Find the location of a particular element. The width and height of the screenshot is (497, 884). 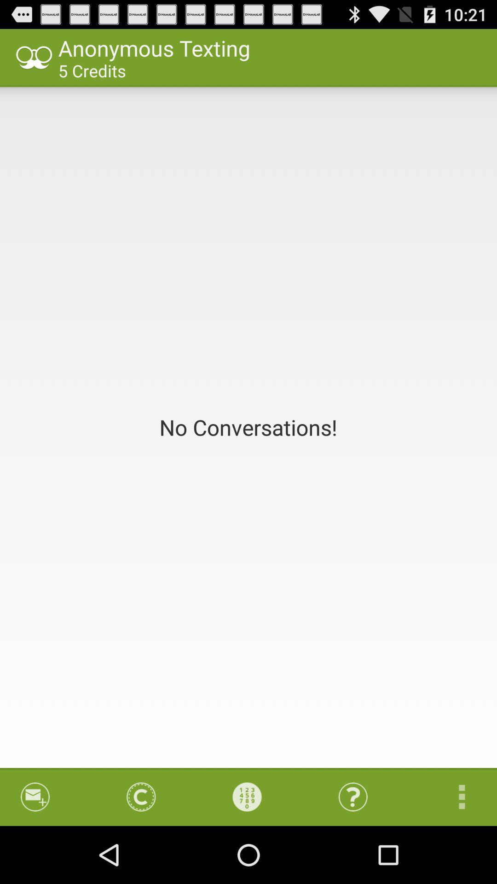

the item below the 5 credits is located at coordinates (248, 427).